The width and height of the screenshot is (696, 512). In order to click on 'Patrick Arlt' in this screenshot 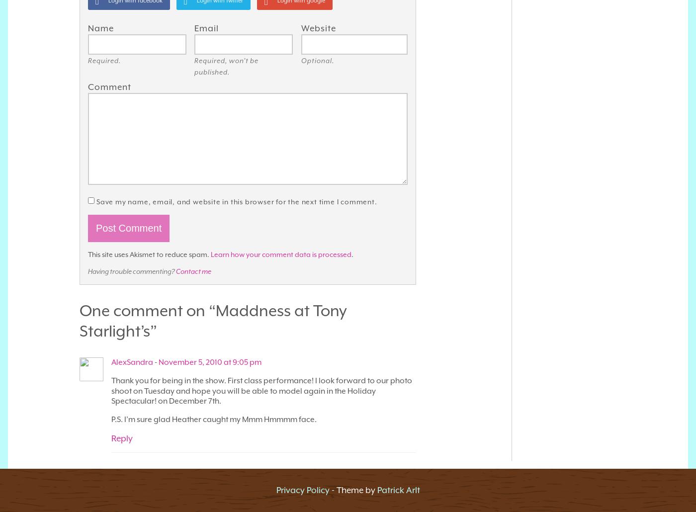, I will do `click(398, 489)`.